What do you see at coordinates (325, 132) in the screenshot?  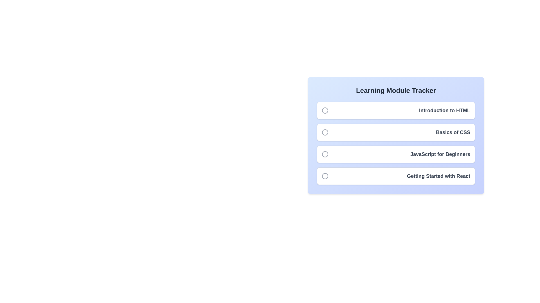 I see `the circular radio button with a gray outline located to the left of the text 'Basics of CSS'` at bounding box center [325, 132].